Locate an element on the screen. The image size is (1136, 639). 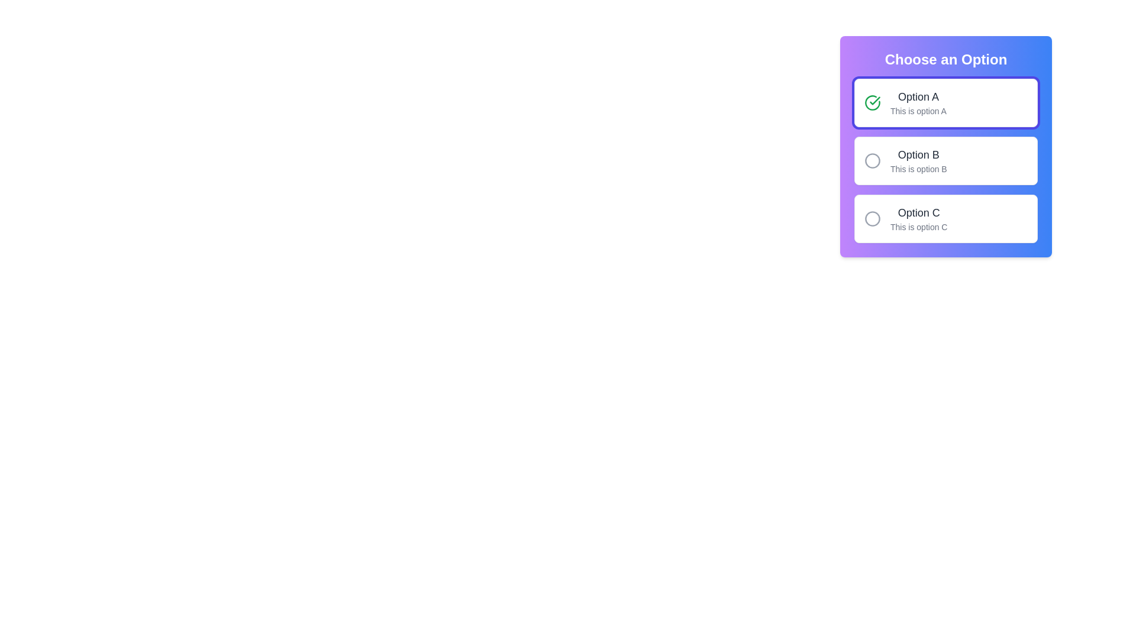
the Radio button indicator for 'Option B', which visually indicates its selection status and is positioned to the left of the 'Option B' label is located at coordinates (872, 161).